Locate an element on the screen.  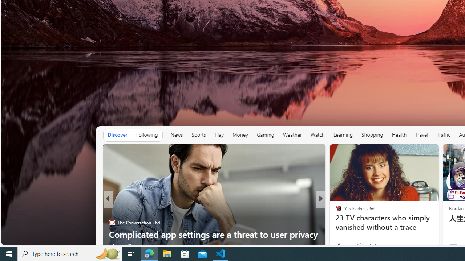
'Health' is located at coordinates (399, 135).